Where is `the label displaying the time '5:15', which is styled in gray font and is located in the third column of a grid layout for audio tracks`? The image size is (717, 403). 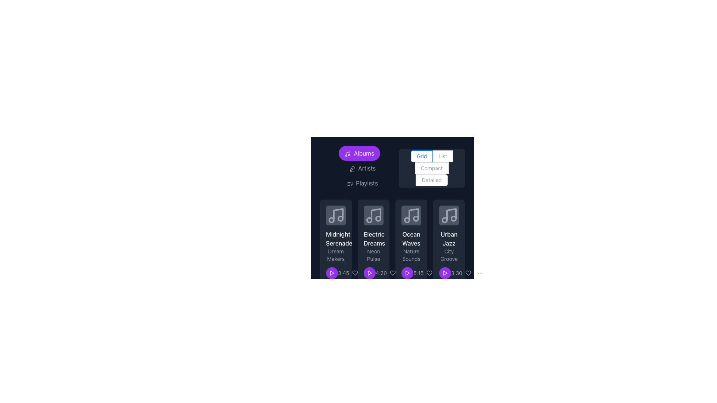 the label displaying the time '5:15', which is styled in gray font and is located in the third column of a grid layout for audio tracks is located at coordinates (418, 273).